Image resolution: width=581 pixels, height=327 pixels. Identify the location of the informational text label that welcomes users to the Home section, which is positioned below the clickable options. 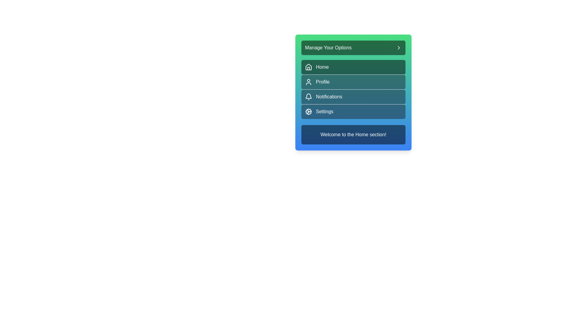
(353, 134).